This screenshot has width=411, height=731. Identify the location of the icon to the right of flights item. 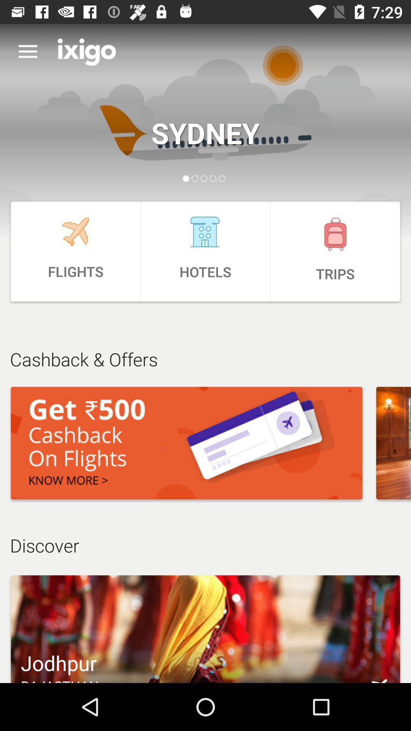
(205, 251).